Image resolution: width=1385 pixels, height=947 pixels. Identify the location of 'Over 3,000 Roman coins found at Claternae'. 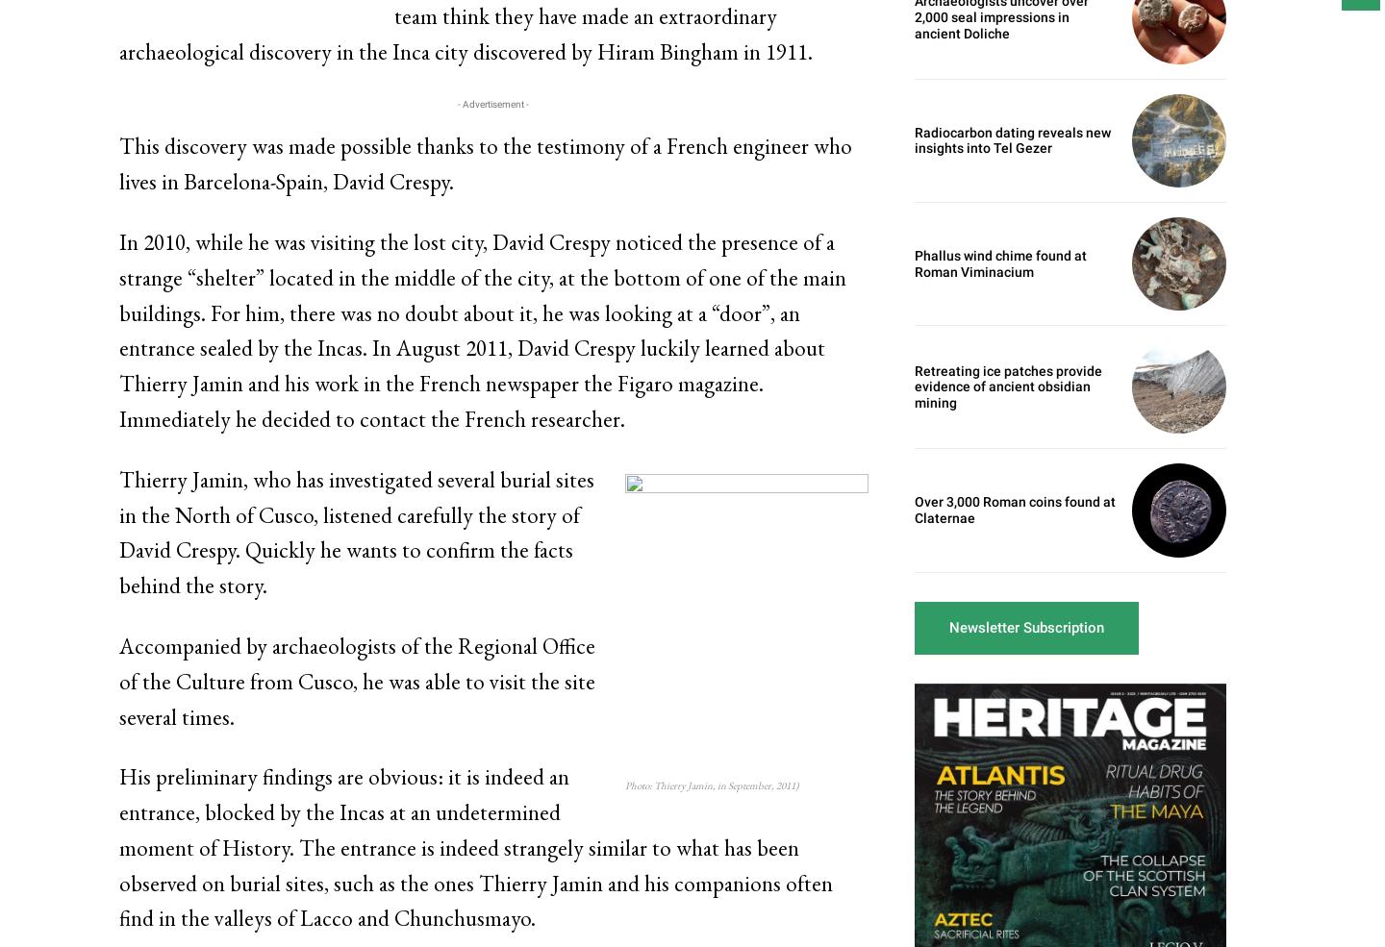
(1014, 510).